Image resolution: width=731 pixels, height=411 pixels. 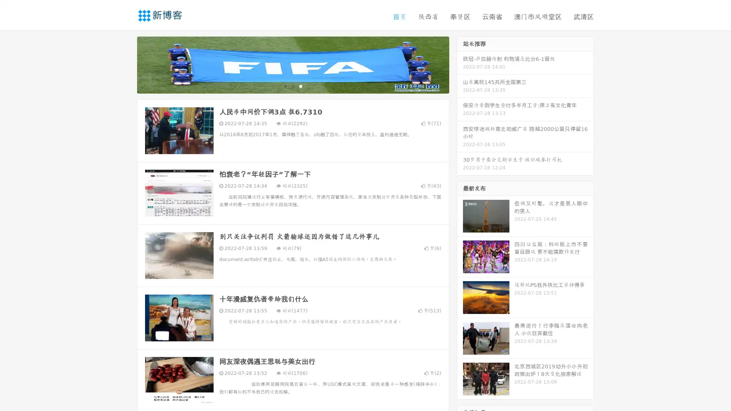 I want to click on Next slide, so click(x=460, y=64).